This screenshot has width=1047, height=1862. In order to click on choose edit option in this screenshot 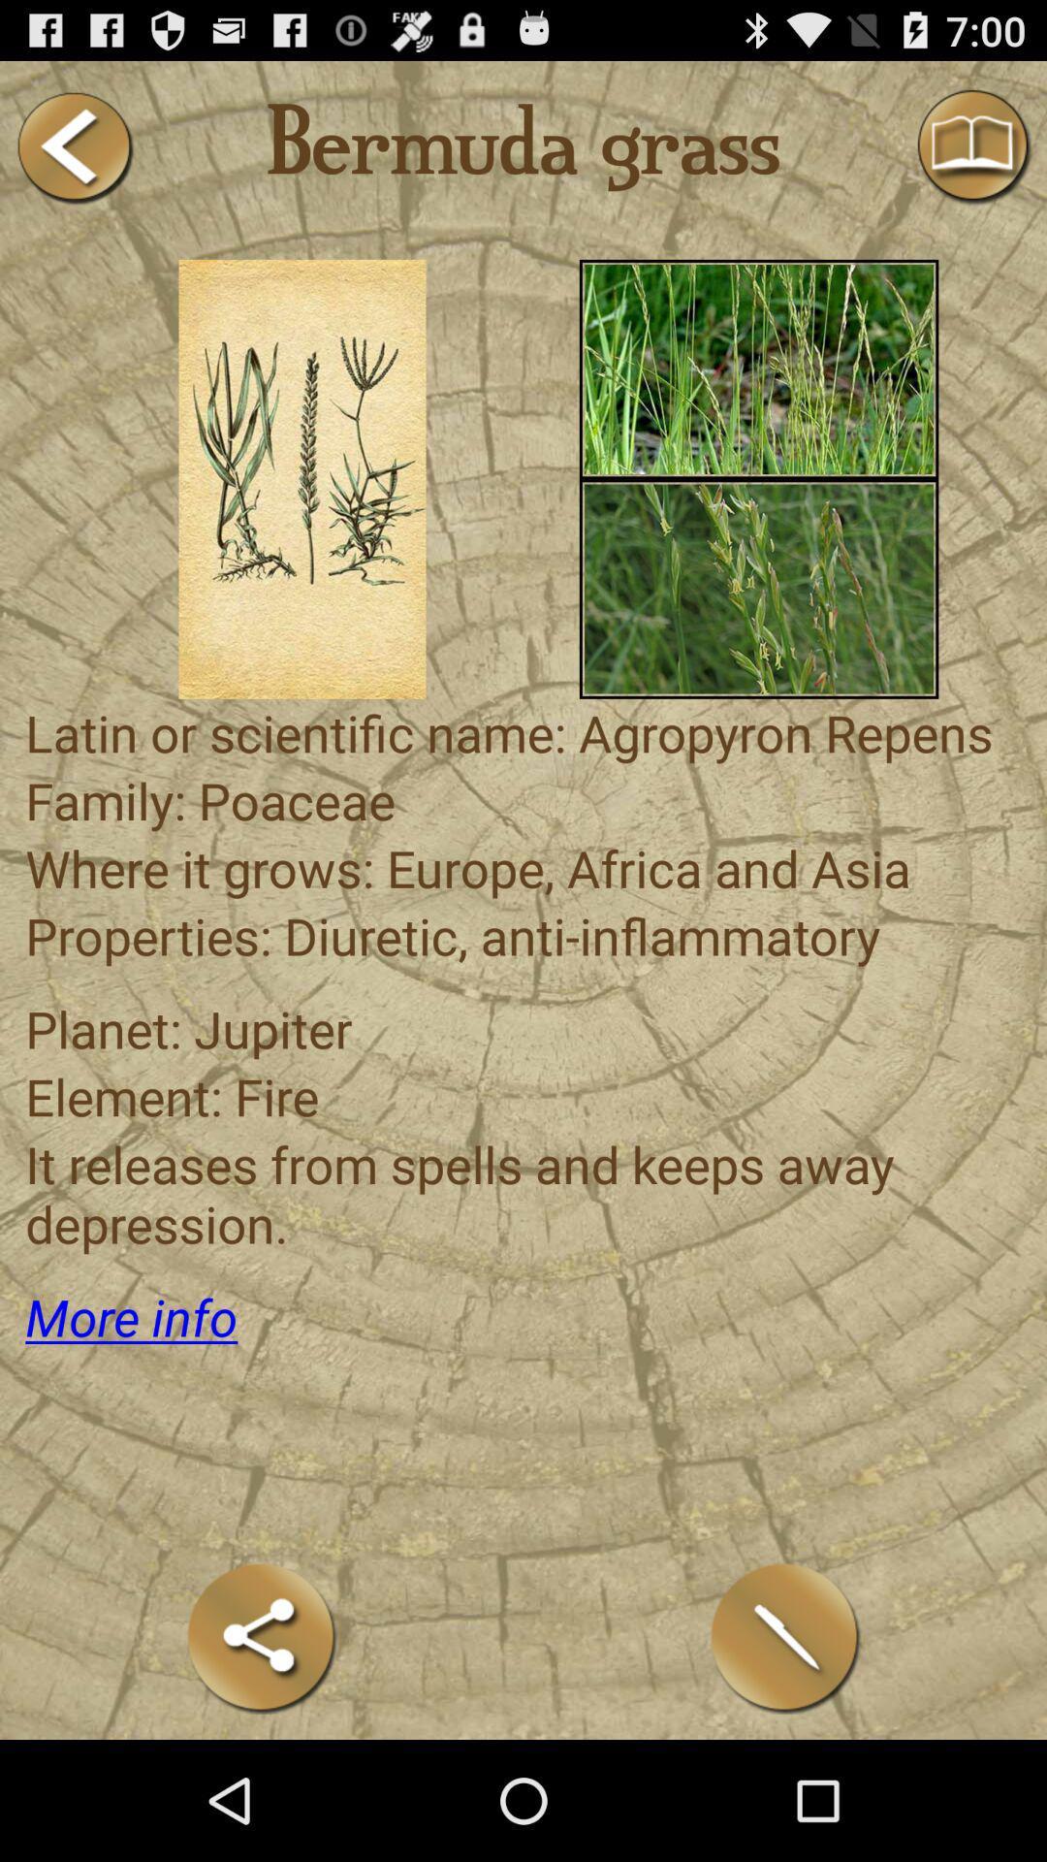, I will do `click(785, 1637)`.